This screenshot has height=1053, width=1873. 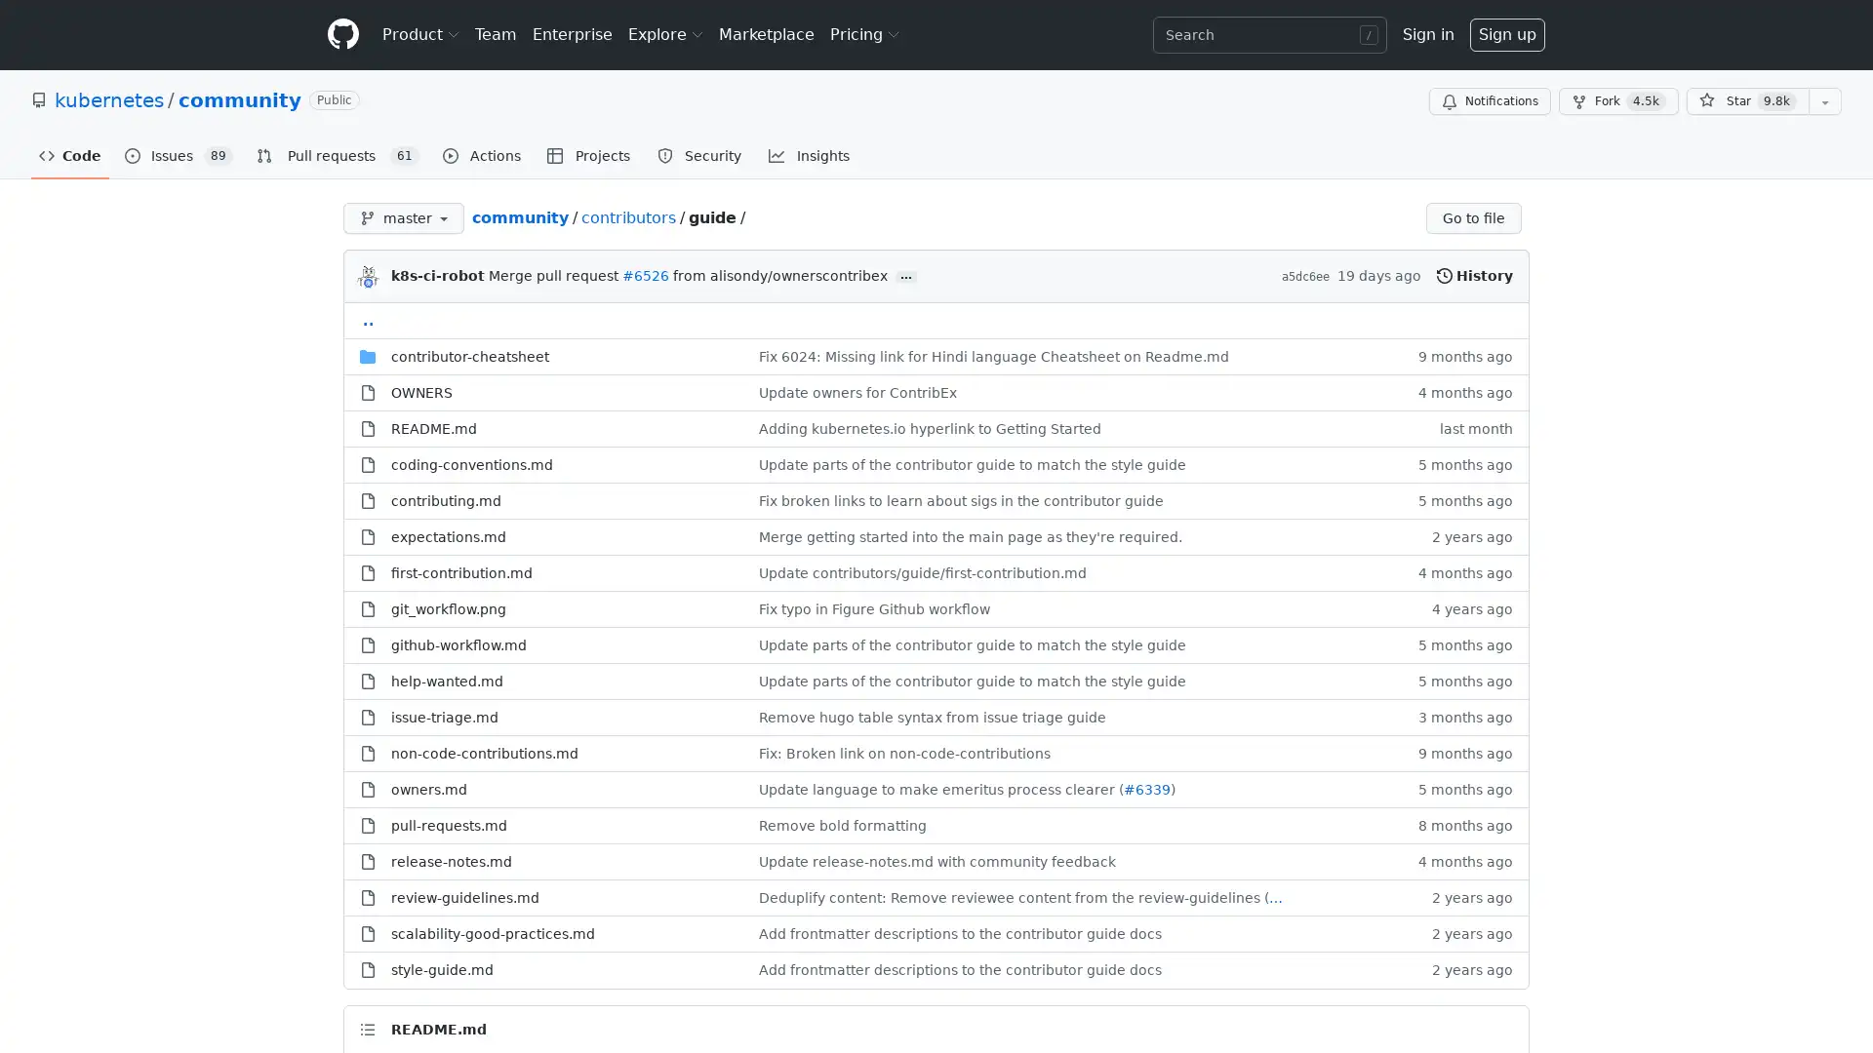 I want to click on You must be signed in to add this repository to a list, so click(x=1824, y=101).